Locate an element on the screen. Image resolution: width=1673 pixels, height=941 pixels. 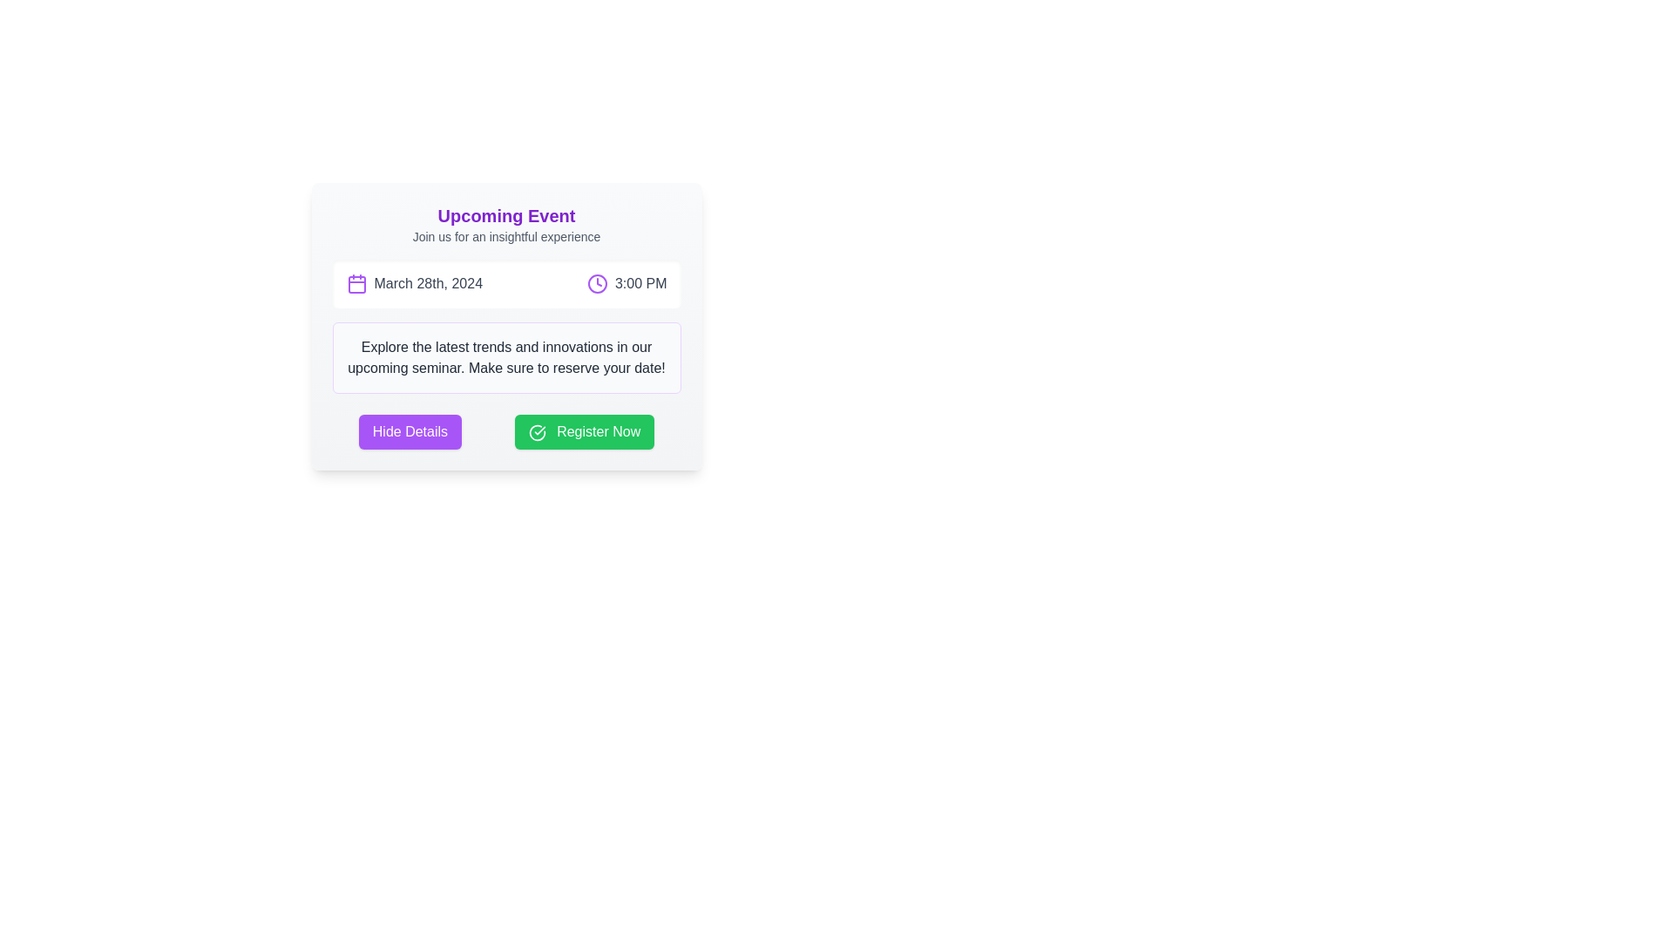
the vibrant purple clock icon positioned to the left of the '3:00 PM' time display is located at coordinates (597, 283).